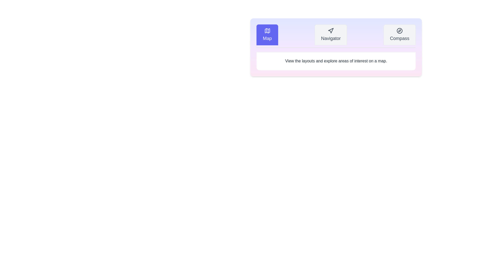  Describe the element at coordinates (331, 35) in the screenshot. I see `the Navigator tab by clicking on it` at that location.